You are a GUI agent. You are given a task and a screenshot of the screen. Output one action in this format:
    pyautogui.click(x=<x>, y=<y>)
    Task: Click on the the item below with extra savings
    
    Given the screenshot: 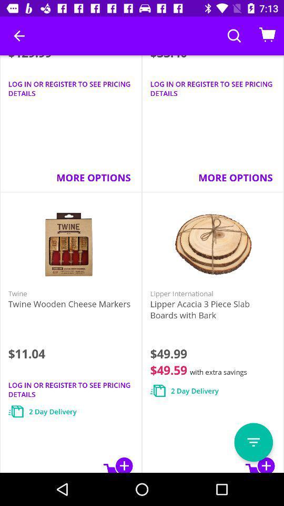 What is the action you would take?
    pyautogui.click(x=253, y=442)
    